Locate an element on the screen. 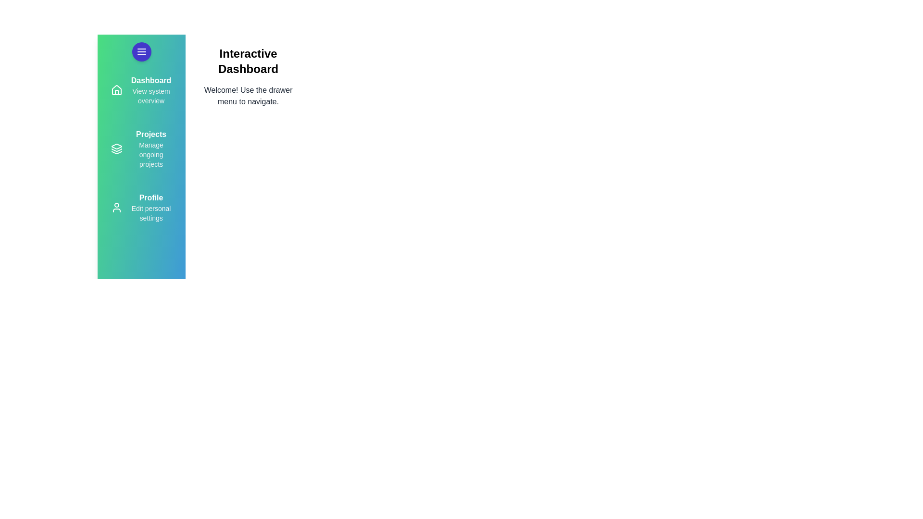 The image size is (923, 519). the menu button to toggle the drawer is located at coordinates (141, 52).